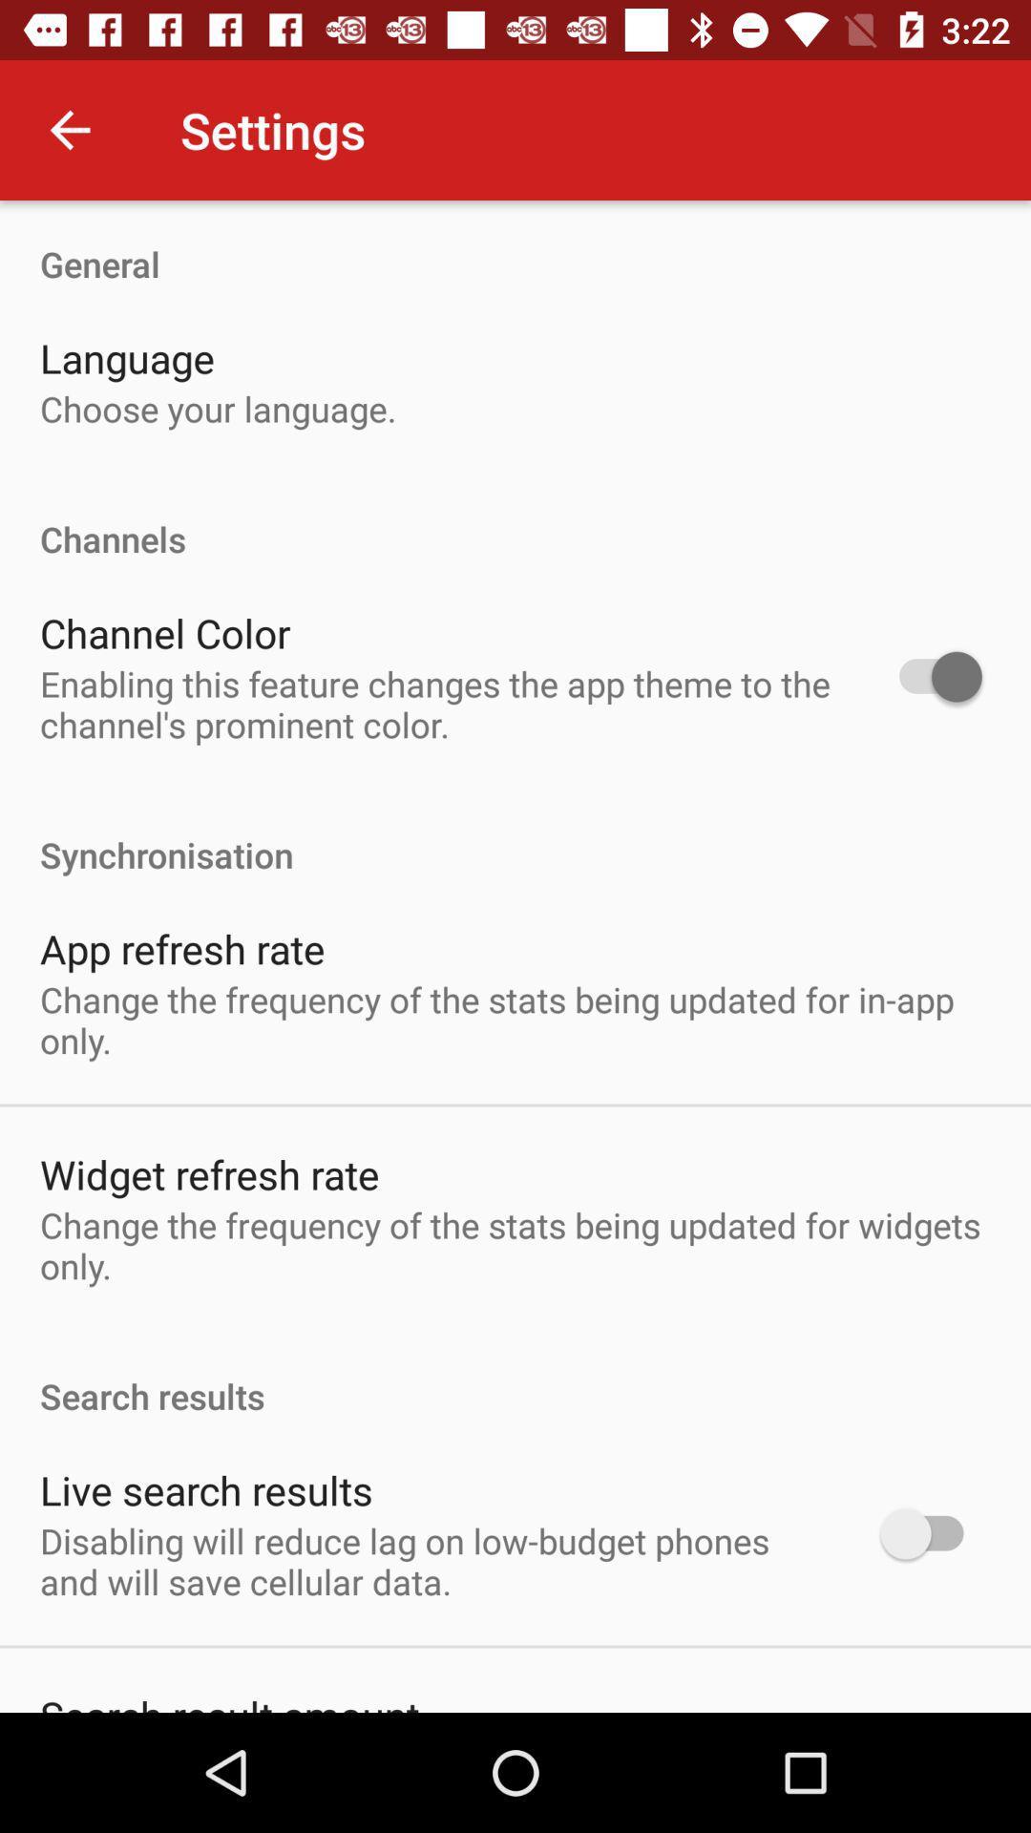 This screenshot has width=1031, height=1833. Describe the element at coordinates (515, 834) in the screenshot. I see `synchronisation item` at that location.